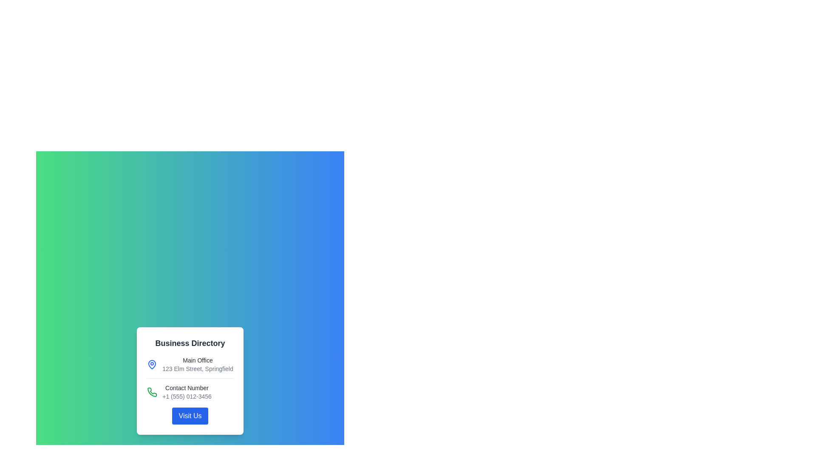  Describe the element at coordinates (190, 367) in the screenshot. I see `the text block labeled 'Main Office' with the address '123 Elm Street, Springfield' and a blue pin icon, located in the second row of the 'Business Directory' card` at that location.